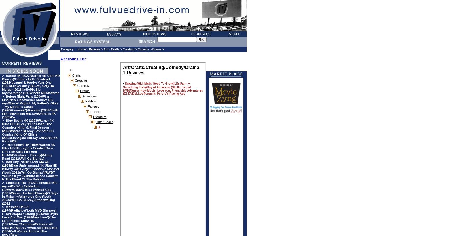 The image size is (462, 236). What do you see at coordinates (92, 117) in the screenshot?
I see `'Literature'` at bounding box center [92, 117].